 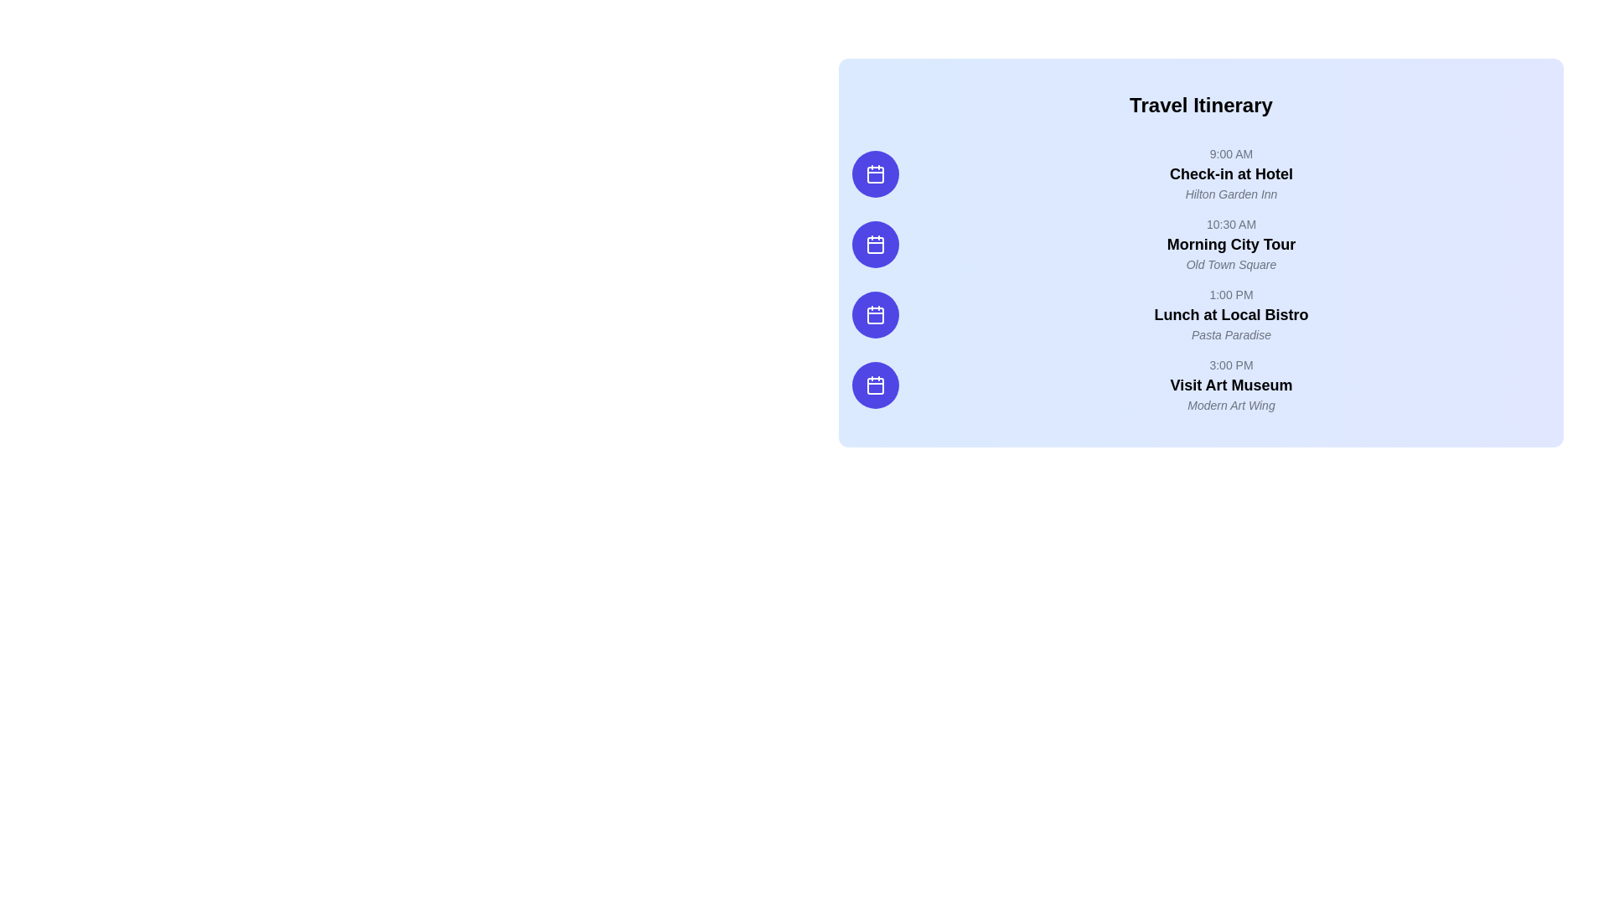 What do you see at coordinates (1200, 385) in the screenshot?
I see `the last timeline entry in the 'Travel Itinerary' section, which represents an event providing information about the activity, its time, and location` at bounding box center [1200, 385].